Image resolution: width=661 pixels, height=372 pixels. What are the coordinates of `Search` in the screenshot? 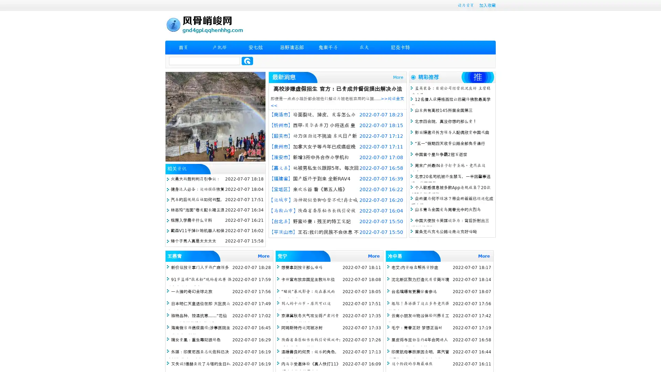 It's located at (247, 61).